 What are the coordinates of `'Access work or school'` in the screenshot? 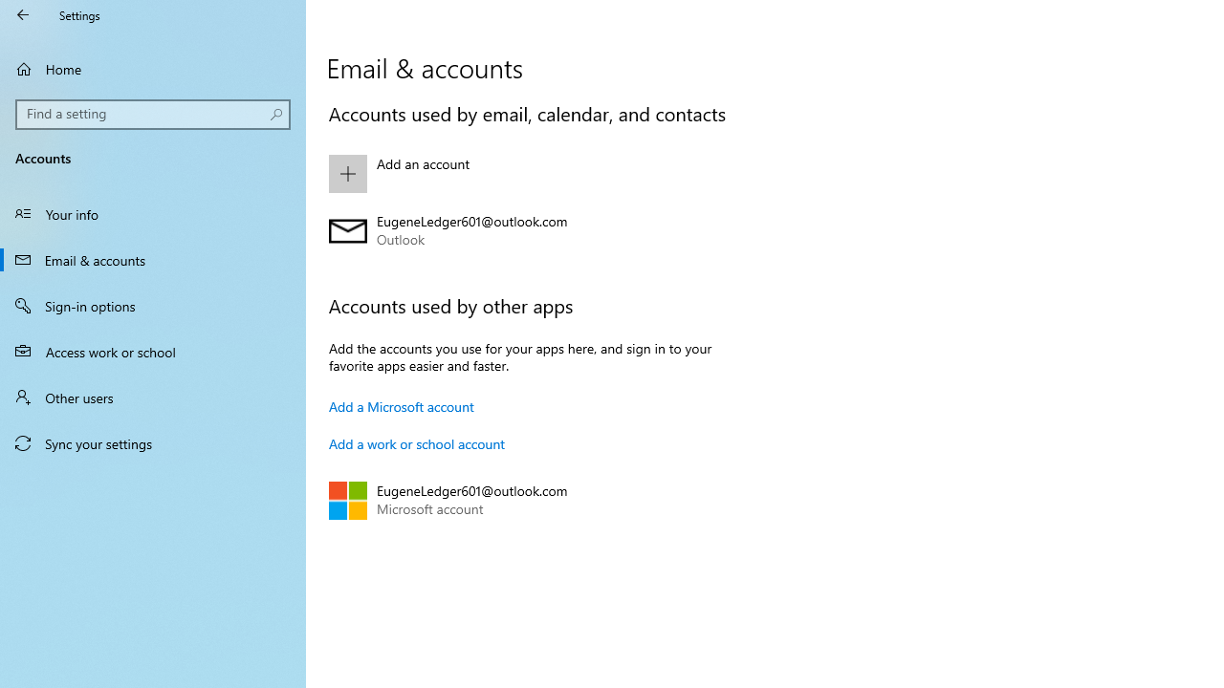 It's located at (153, 351).